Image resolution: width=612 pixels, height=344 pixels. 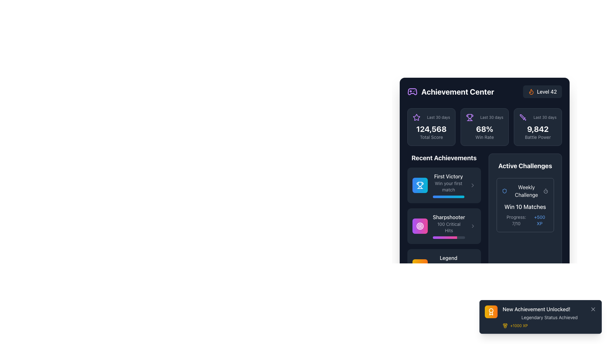 What do you see at coordinates (416, 117) in the screenshot?
I see `purple star-shaped icon located in the 'Achievement Center' dashboard, positioned near the 'Total Score' statistic box, using developer tools` at bounding box center [416, 117].